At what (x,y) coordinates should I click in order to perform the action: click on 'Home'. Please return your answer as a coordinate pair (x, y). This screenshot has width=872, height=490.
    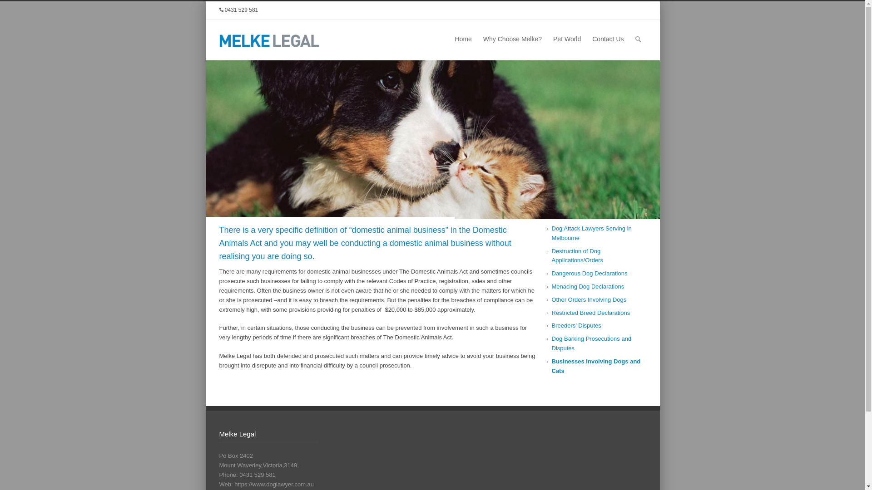
    Looking at the image, I should click on (452, 39).